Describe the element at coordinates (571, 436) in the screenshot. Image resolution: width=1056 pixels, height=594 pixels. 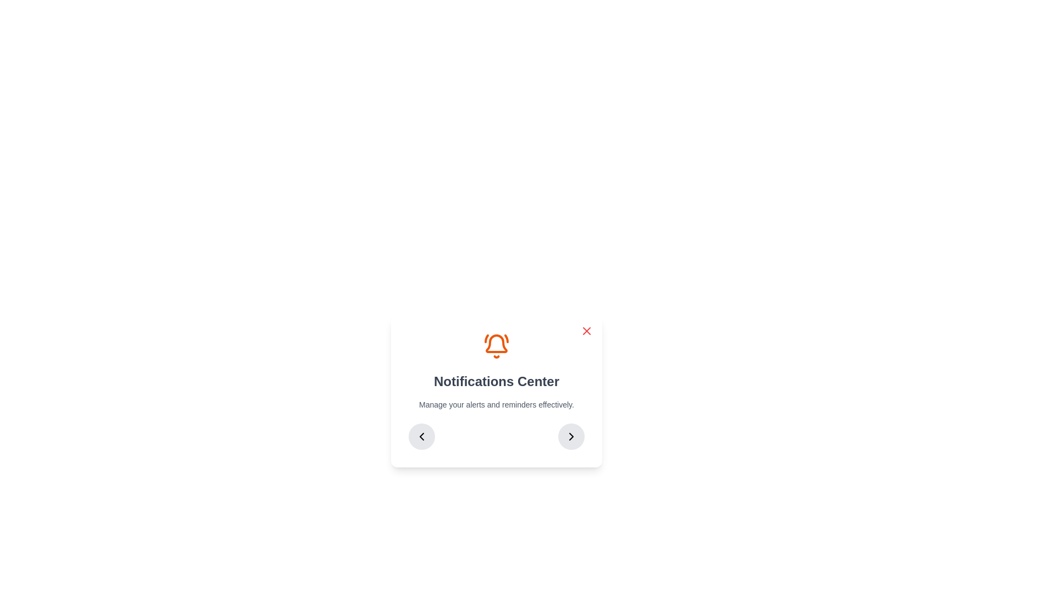
I see `the navigation button located at the bottom-right corner of the notification modal` at that location.